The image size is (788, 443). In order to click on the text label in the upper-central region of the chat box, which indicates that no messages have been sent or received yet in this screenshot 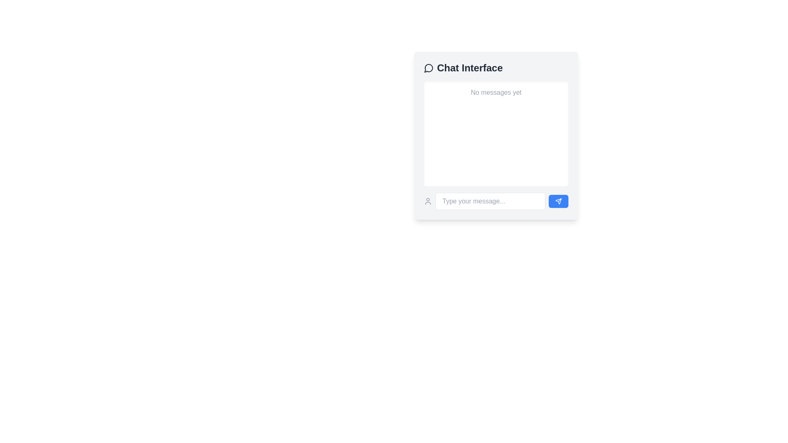, I will do `click(496, 92)`.